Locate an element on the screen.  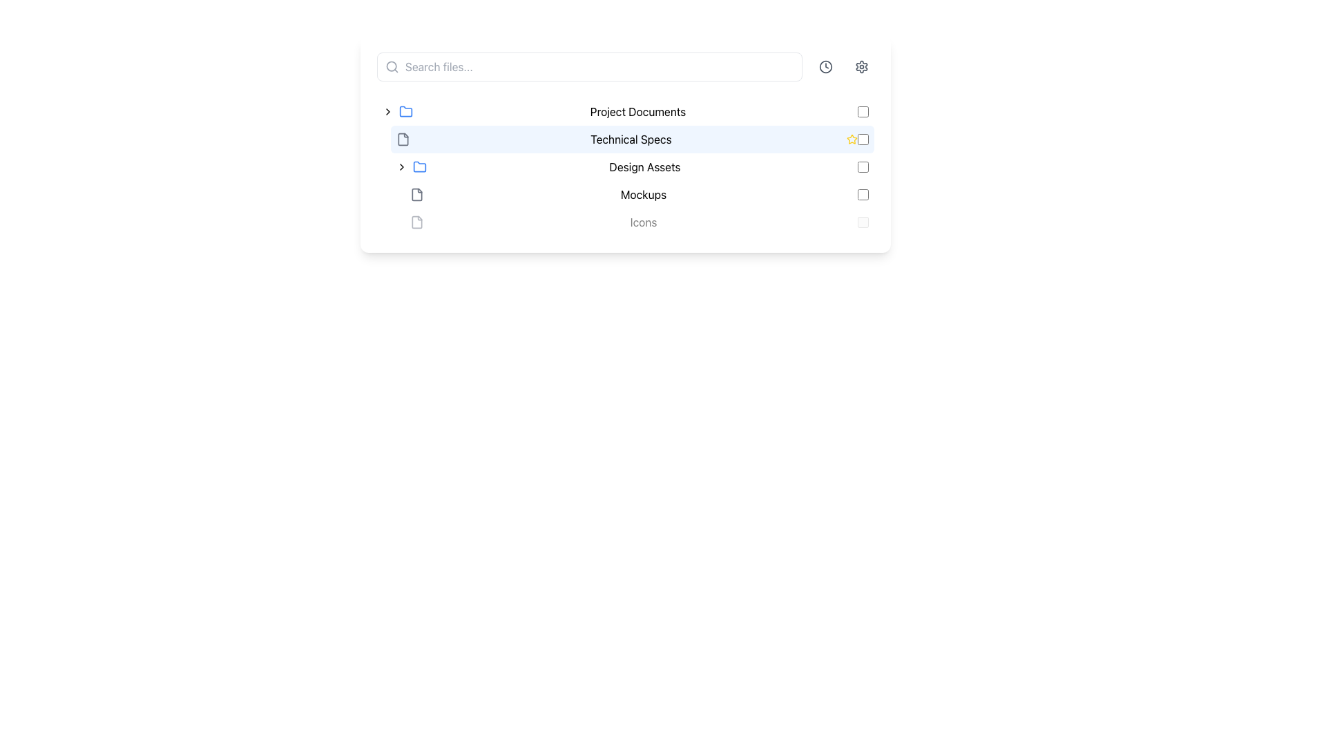
the disabled Checkbox located at the rightmost side of the 'Icons' row, which currently does not allow user interaction is located at coordinates (862, 221).